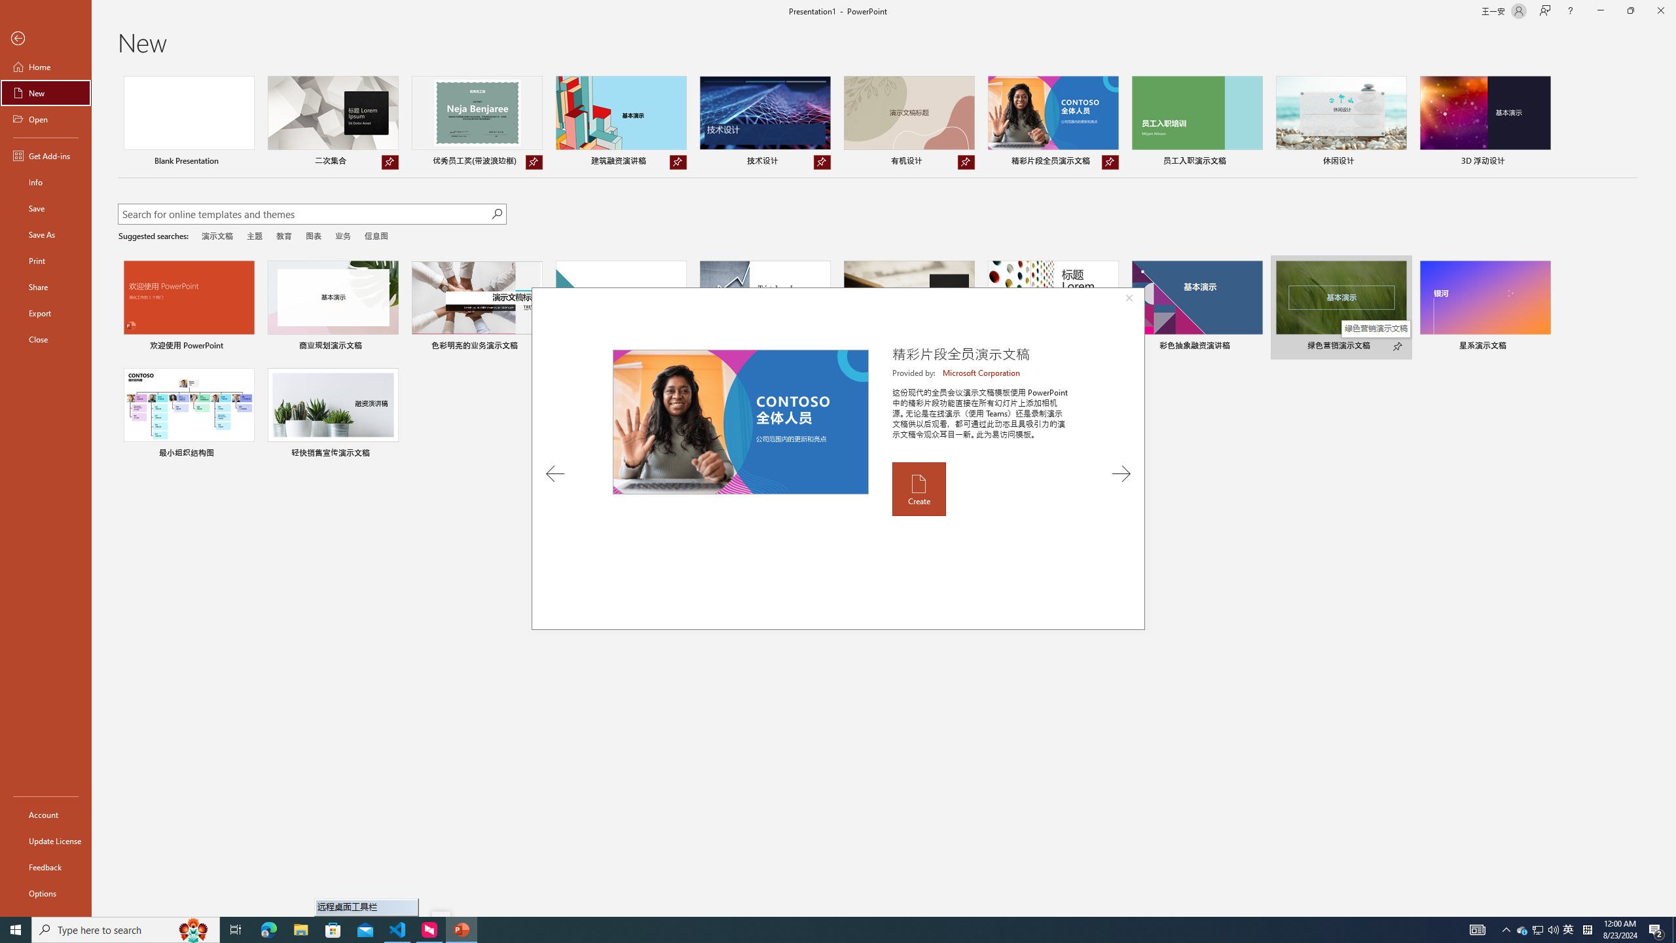  What do you see at coordinates (45, 815) in the screenshot?
I see `'Account'` at bounding box center [45, 815].